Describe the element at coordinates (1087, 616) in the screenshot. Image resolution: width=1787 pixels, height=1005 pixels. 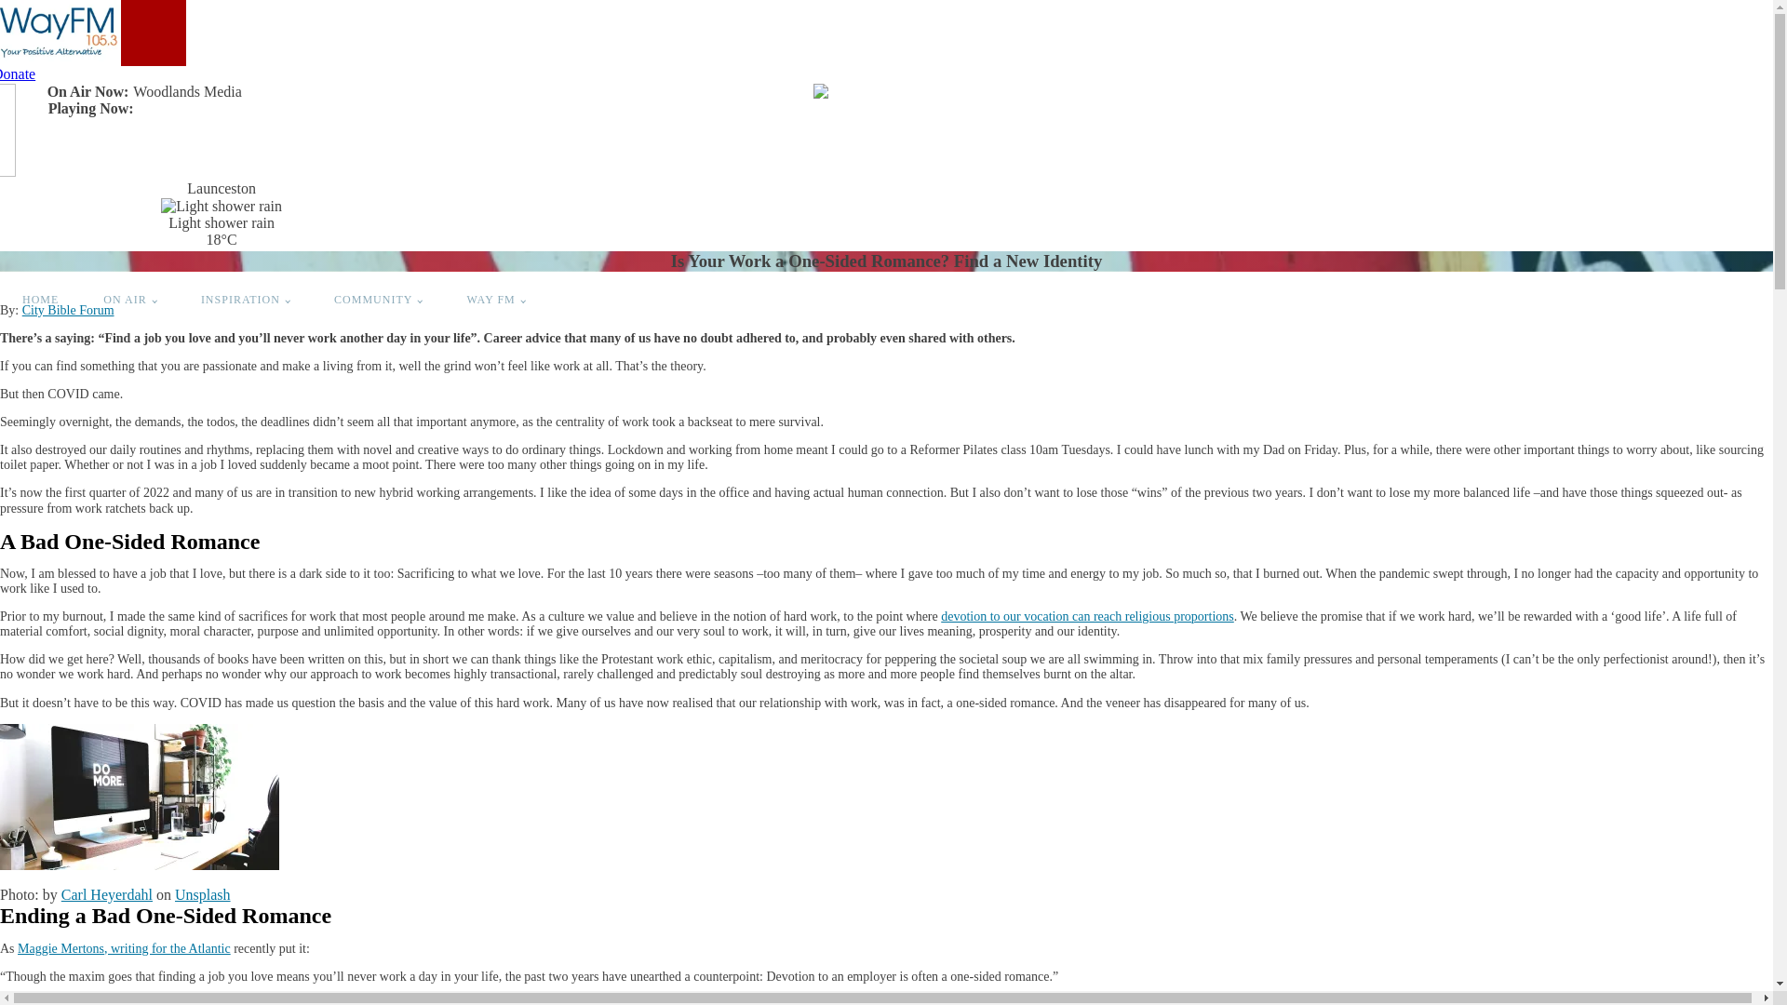
I see `'devotion to our vocation can reach religious proportions'` at that location.